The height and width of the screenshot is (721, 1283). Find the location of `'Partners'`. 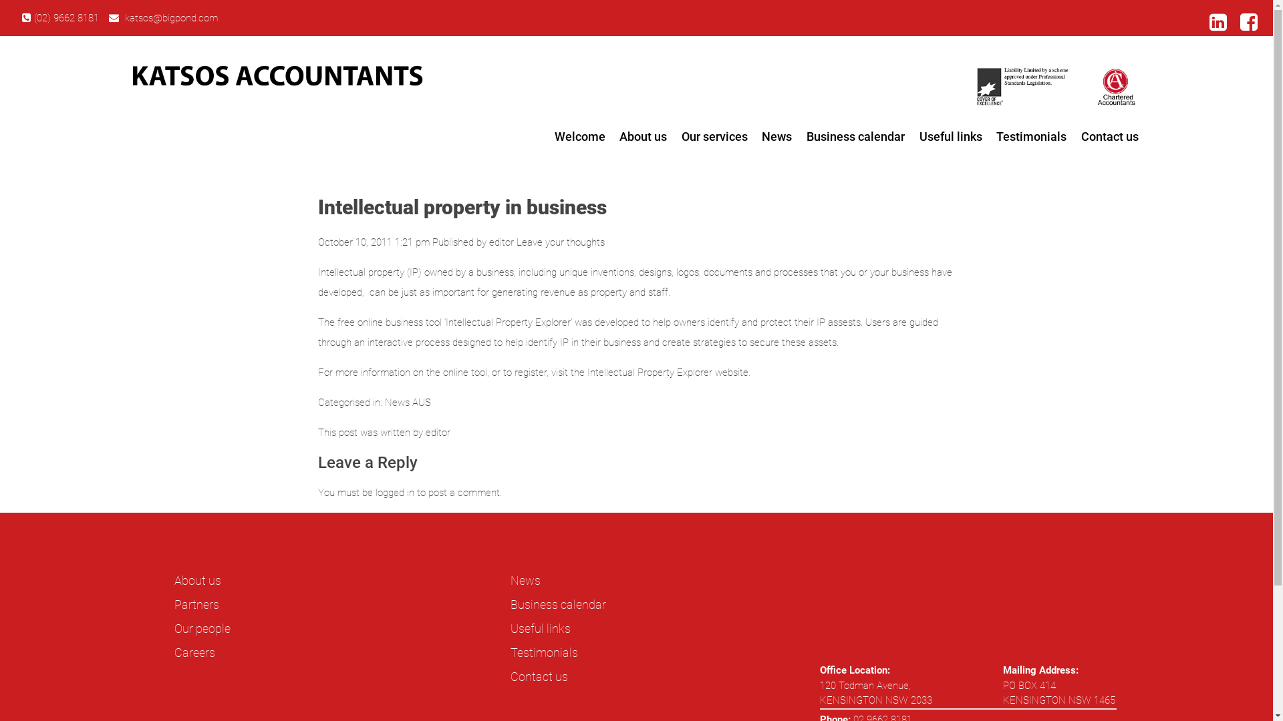

'Partners' is located at coordinates (196, 604).